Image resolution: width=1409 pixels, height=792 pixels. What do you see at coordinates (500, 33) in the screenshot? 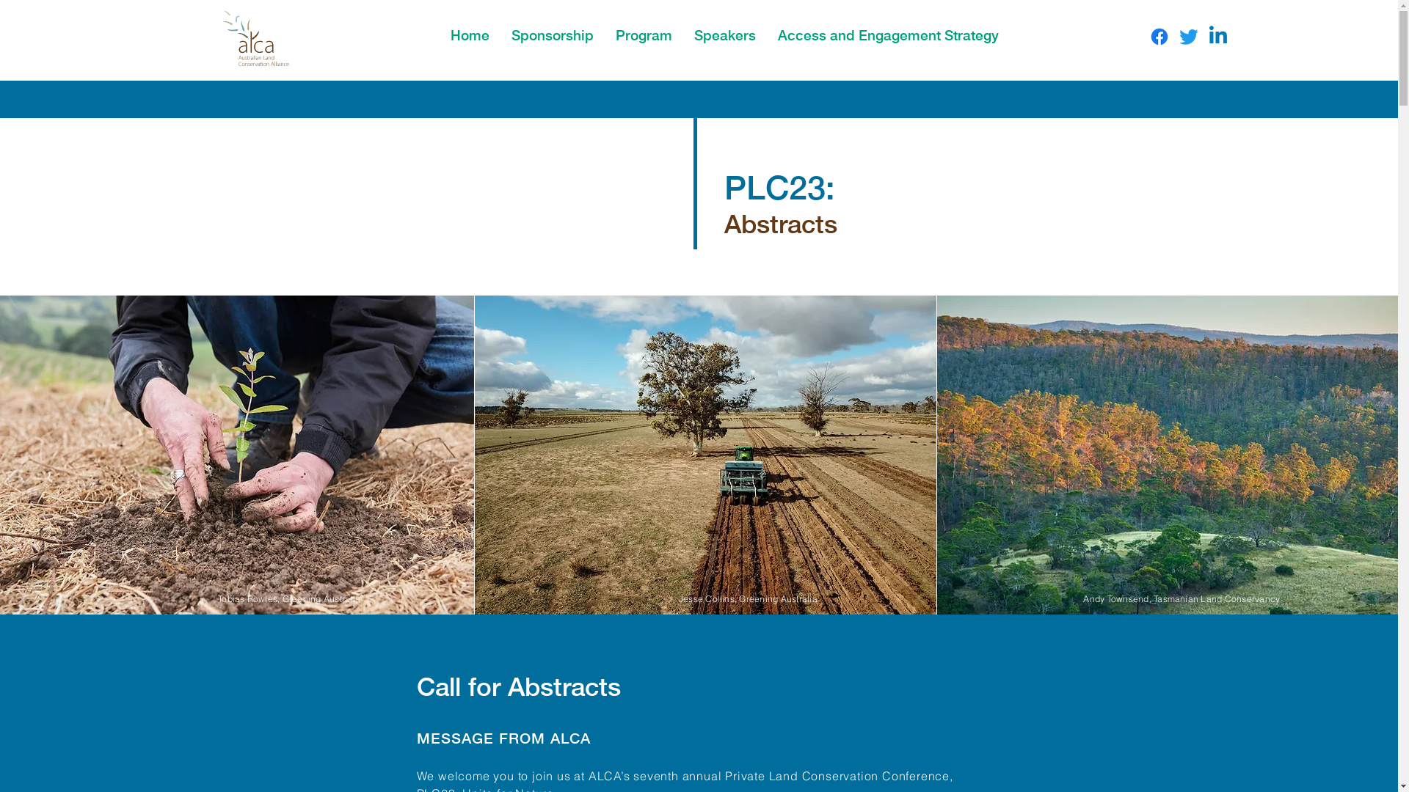
I see `'Sponsorship'` at bounding box center [500, 33].